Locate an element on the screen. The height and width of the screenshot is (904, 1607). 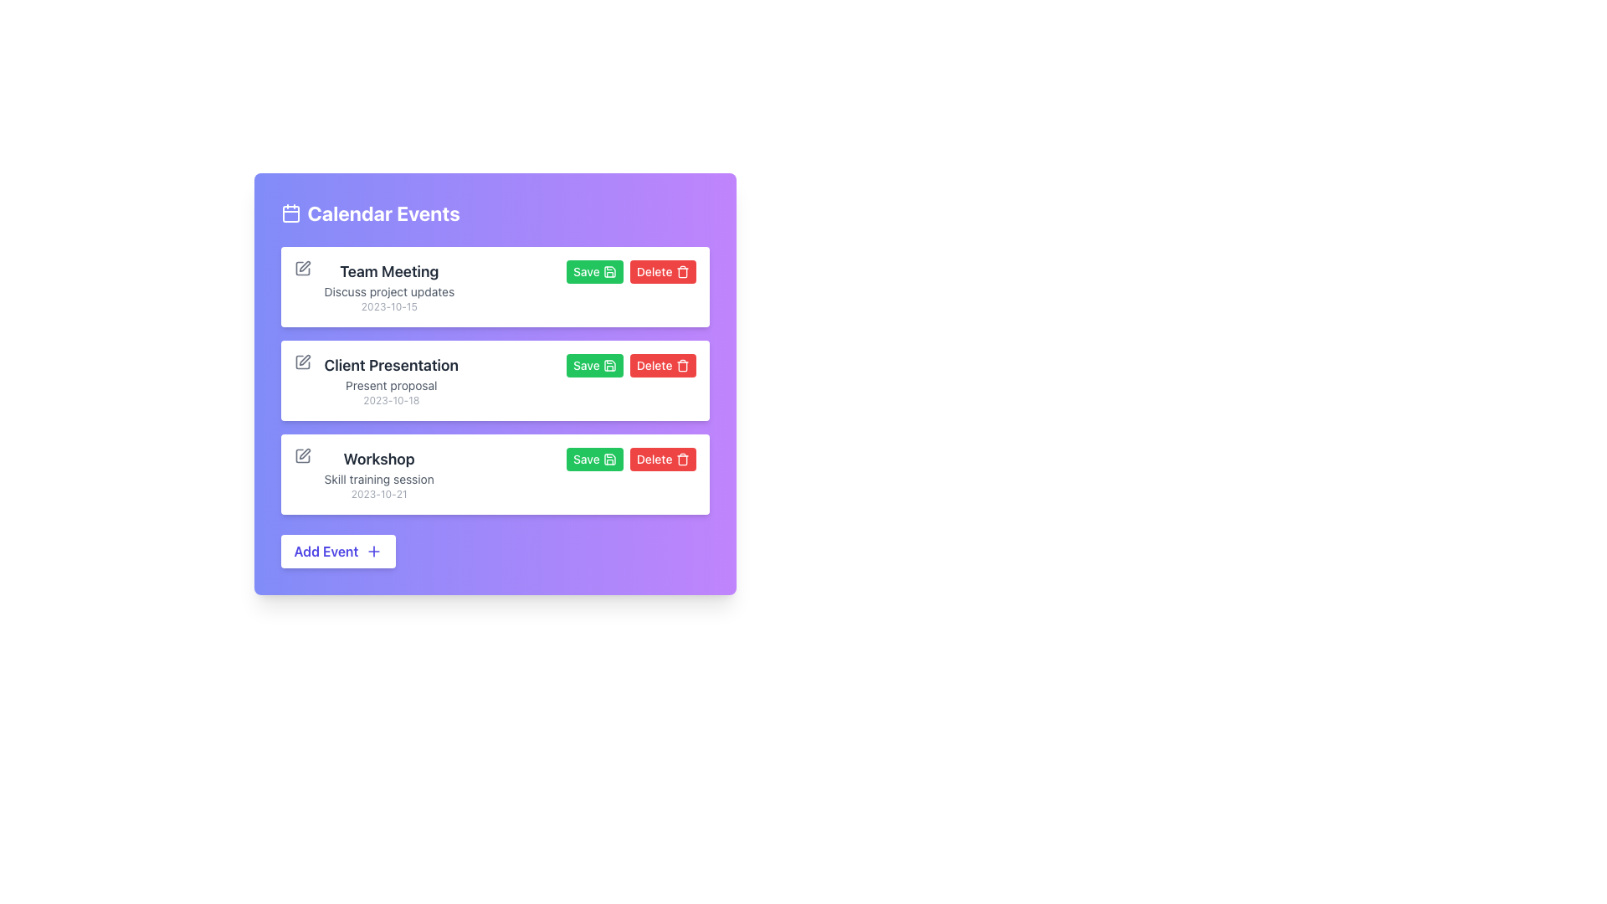
the 'Save' button associated with the 'Client Presentation' calendar event is located at coordinates (594, 364).